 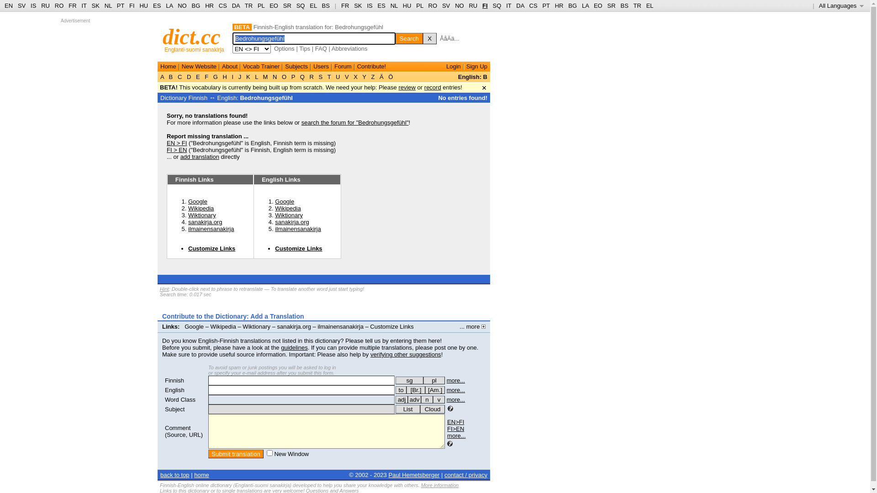 What do you see at coordinates (298, 228) in the screenshot?
I see `'ilmainensanakirja'` at bounding box center [298, 228].